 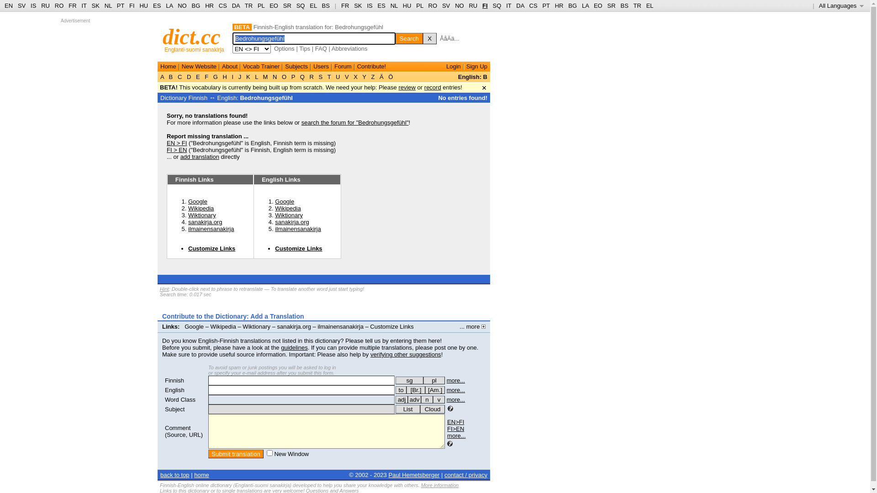 What do you see at coordinates (298, 228) in the screenshot?
I see `'ilmainensanakirja'` at bounding box center [298, 228].